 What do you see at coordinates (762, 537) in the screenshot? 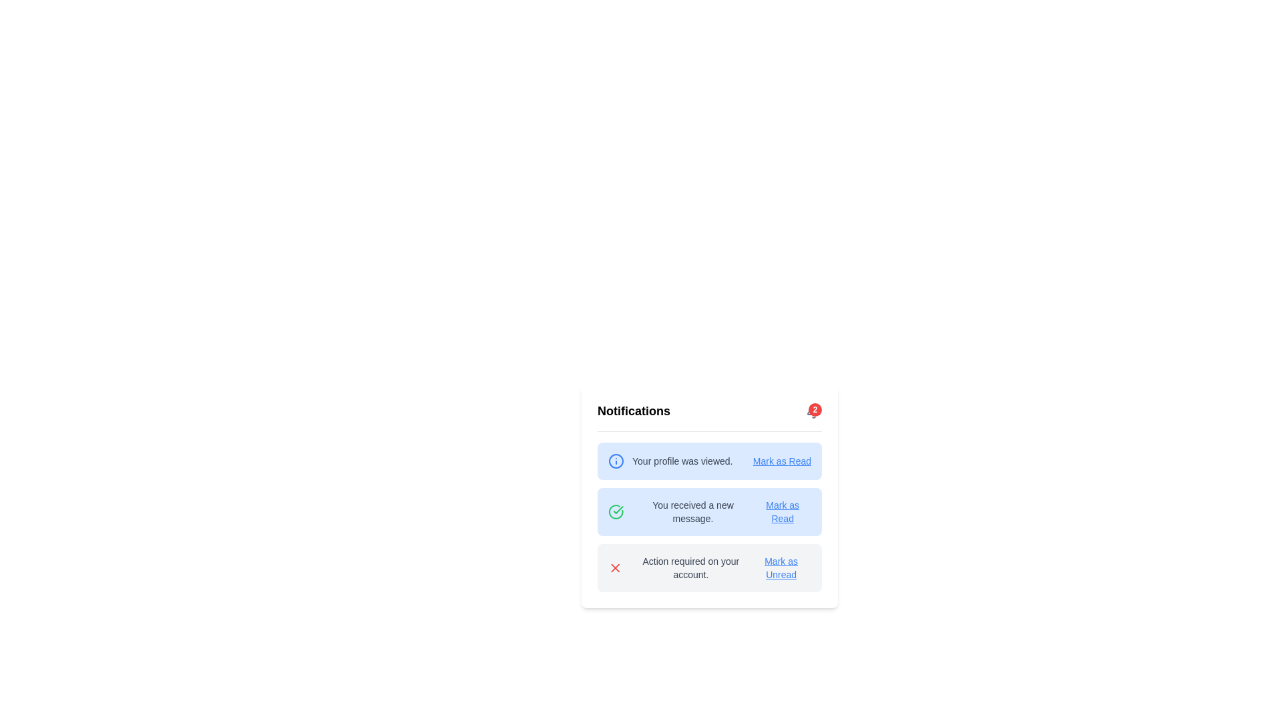
I see `the 'Mark as Read' action link in the second notification message which indicates 'You received a new message'` at bounding box center [762, 537].